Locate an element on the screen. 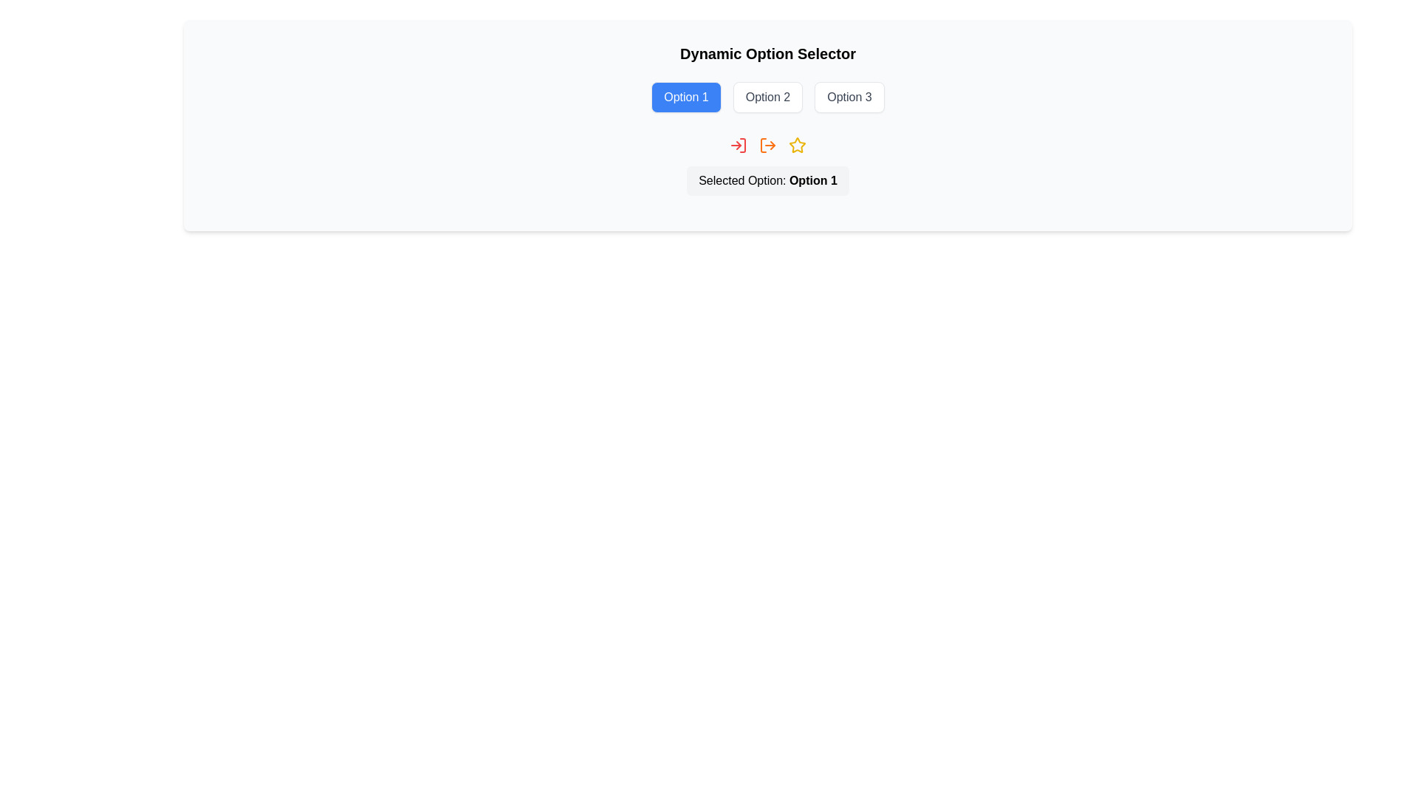 This screenshot has width=1418, height=798. the third icon from the right, which visually represents a rating feature or highlighted status in the application is located at coordinates (797, 145).